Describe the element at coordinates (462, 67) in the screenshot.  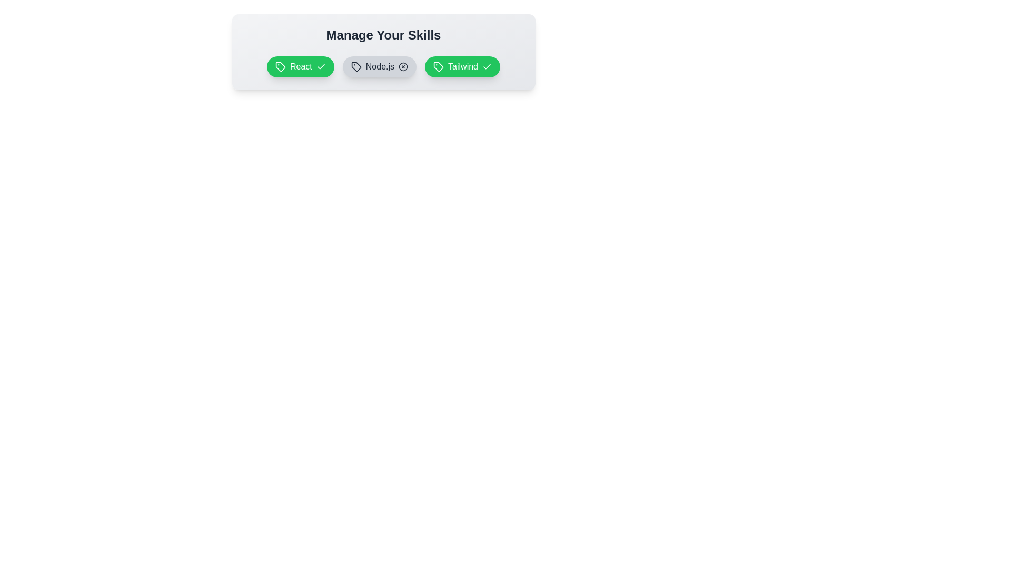
I see `the skill tag Tailwind to inspect its state` at that location.